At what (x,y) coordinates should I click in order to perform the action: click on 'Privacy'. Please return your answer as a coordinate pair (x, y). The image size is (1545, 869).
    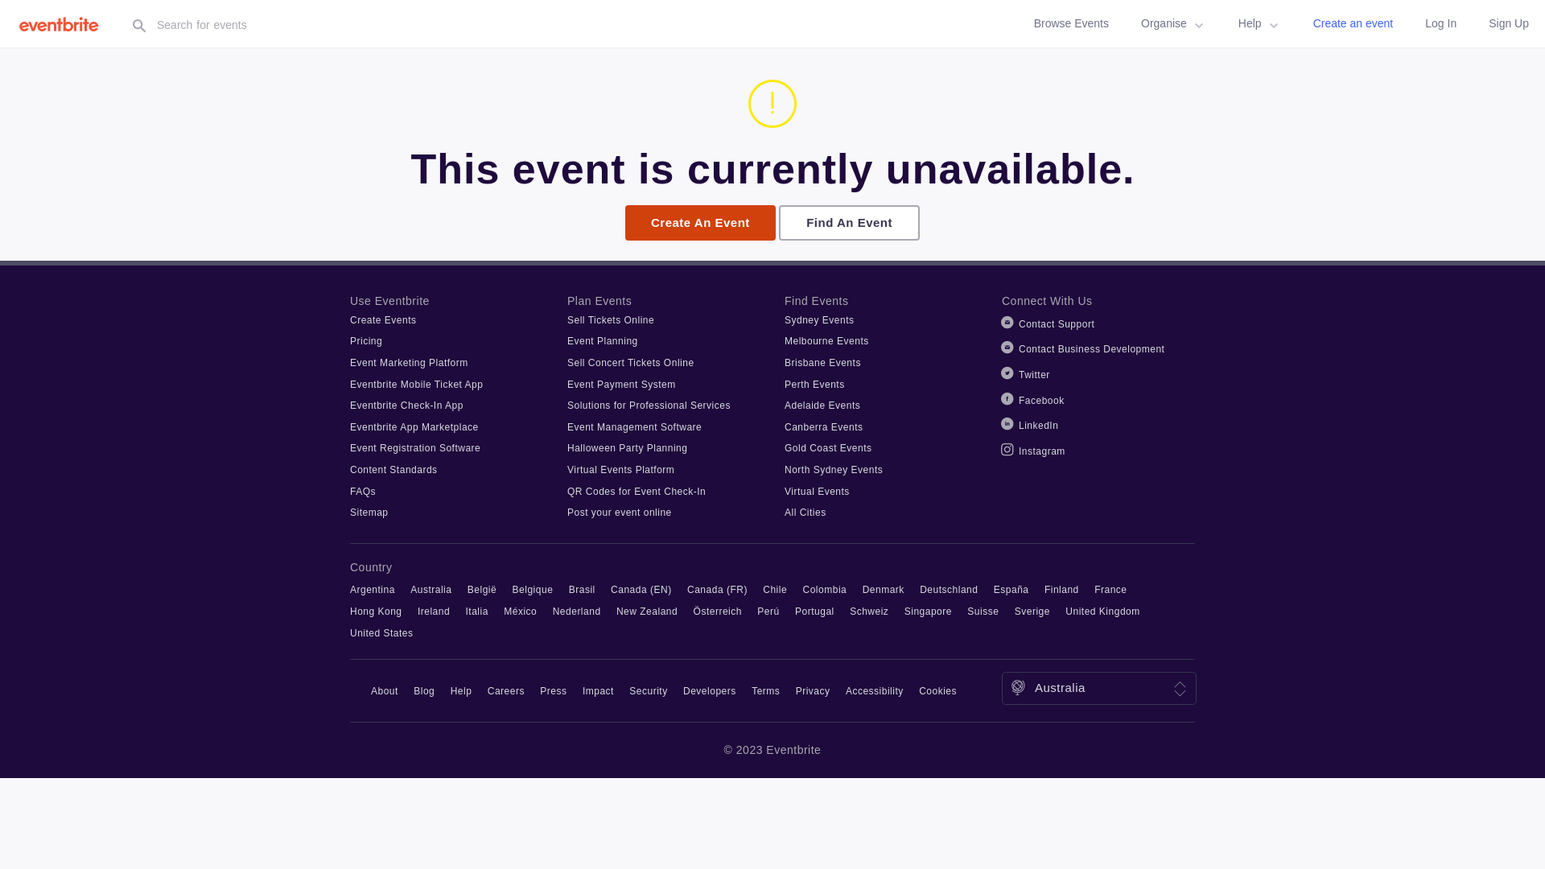
    Looking at the image, I should click on (813, 690).